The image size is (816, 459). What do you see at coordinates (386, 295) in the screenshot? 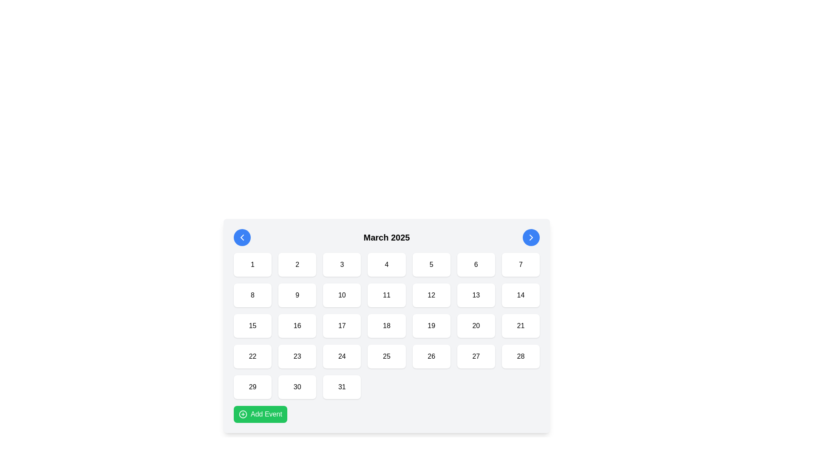
I see `the display element showing the number '11' in the second row and fourth column of the calendar grid for March 2025` at bounding box center [386, 295].